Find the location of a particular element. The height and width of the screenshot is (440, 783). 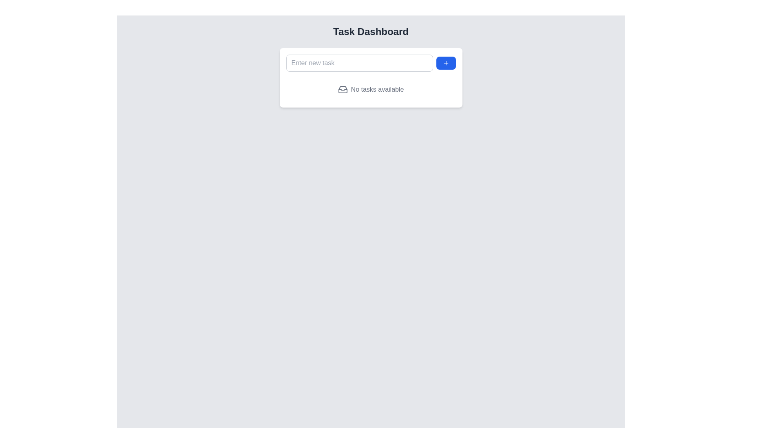

the empty inbox icon located to the left of the 'No tasks available' text in the gray background card beneath the 'Task Dashboard' heading is located at coordinates (343, 89).